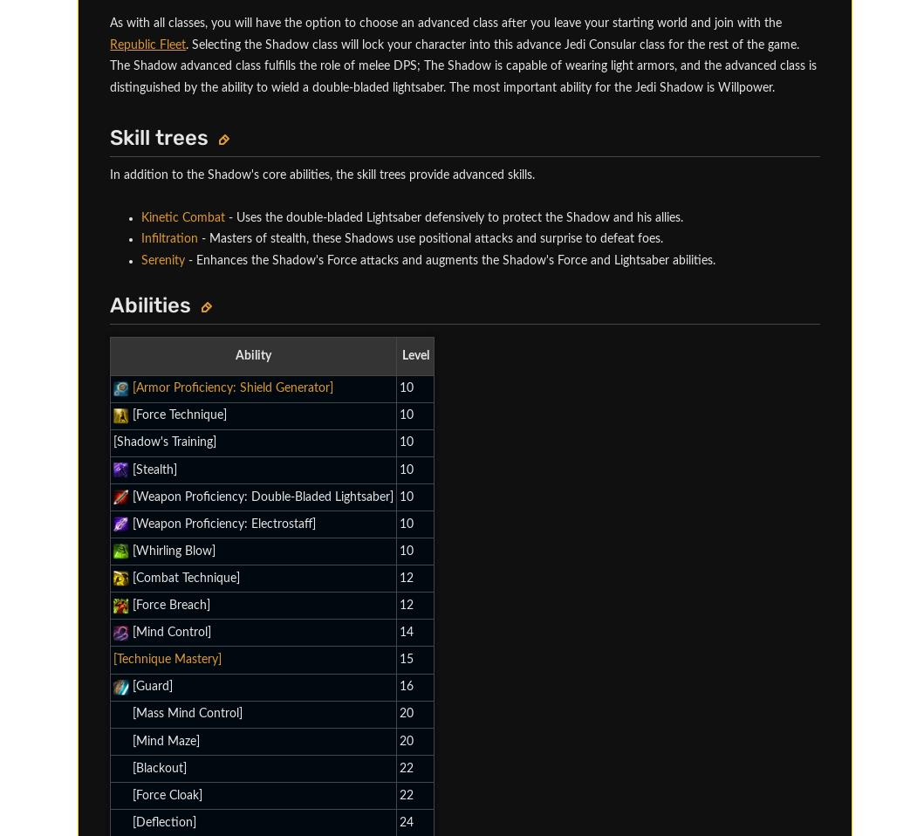  Describe the element at coordinates (72, 780) in the screenshot. I see `'Follow Us'` at that location.